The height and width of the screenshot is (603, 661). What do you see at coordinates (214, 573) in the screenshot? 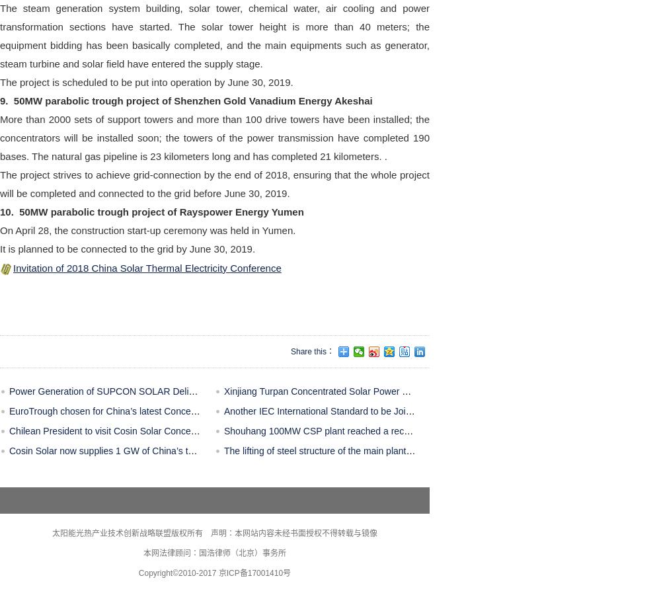
I see `'Copyright©2010-2017 京ICP备17001410号'` at bounding box center [214, 573].